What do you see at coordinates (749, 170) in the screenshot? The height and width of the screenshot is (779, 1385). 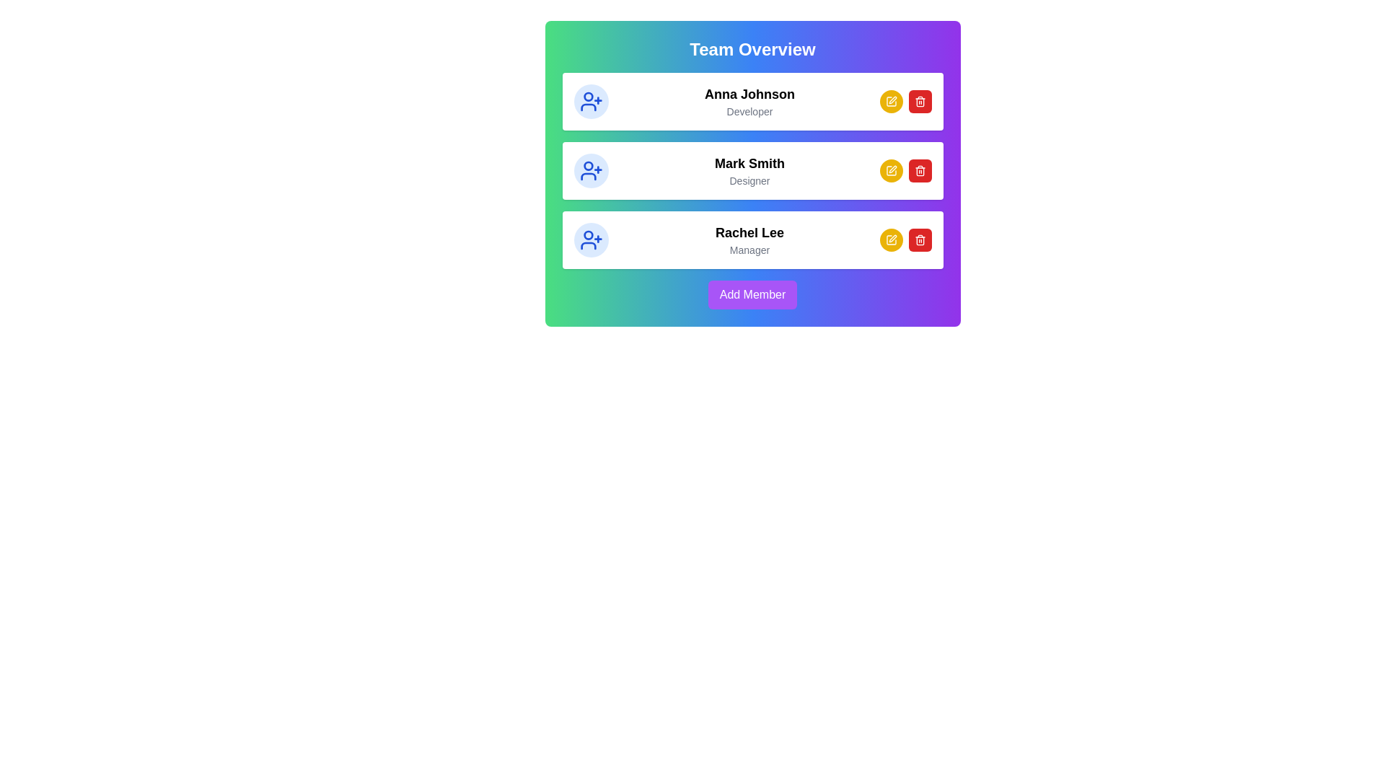 I see `the Text block displaying the identification information of an individual, which is located in the middle of three vertically stacked cards, centered horizontally and to the right of an avatar icon` at bounding box center [749, 170].